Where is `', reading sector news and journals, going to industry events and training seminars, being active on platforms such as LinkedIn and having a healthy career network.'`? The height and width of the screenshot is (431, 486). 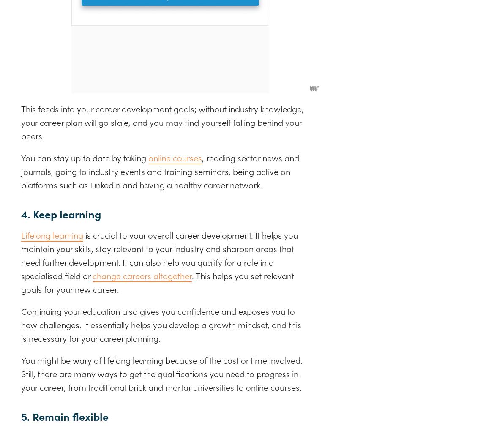 ', reading sector news and journals, going to industry events and training seminars, being active on platforms such as LinkedIn and having a healthy career network.' is located at coordinates (160, 171).